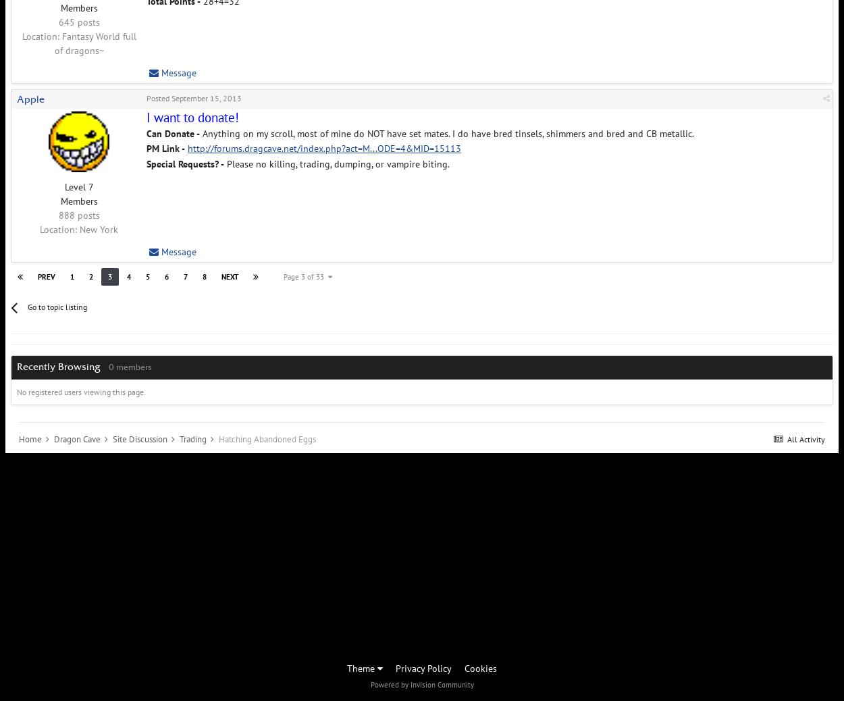  What do you see at coordinates (423, 668) in the screenshot?
I see `'Privacy Policy'` at bounding box center [423, 668].